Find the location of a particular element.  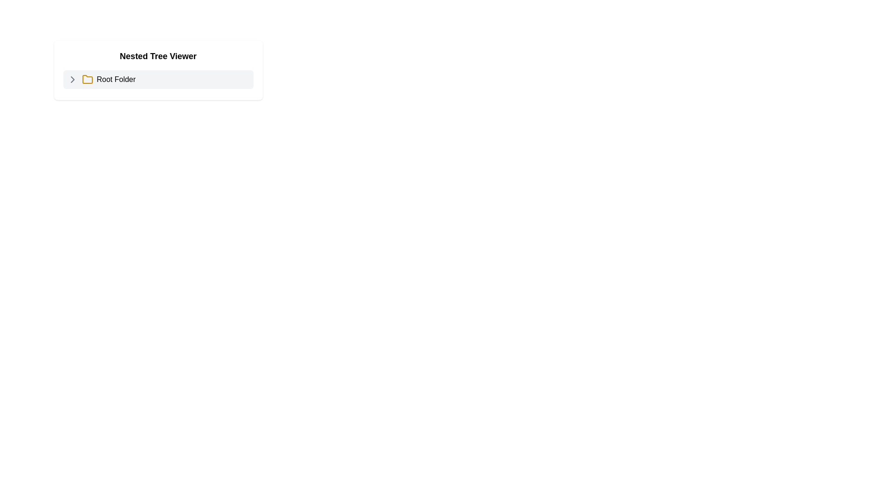

the chevron icon located at the far-left side of the 'Root Folder' entry in the tree viewer is located at coordinates (72, 79).